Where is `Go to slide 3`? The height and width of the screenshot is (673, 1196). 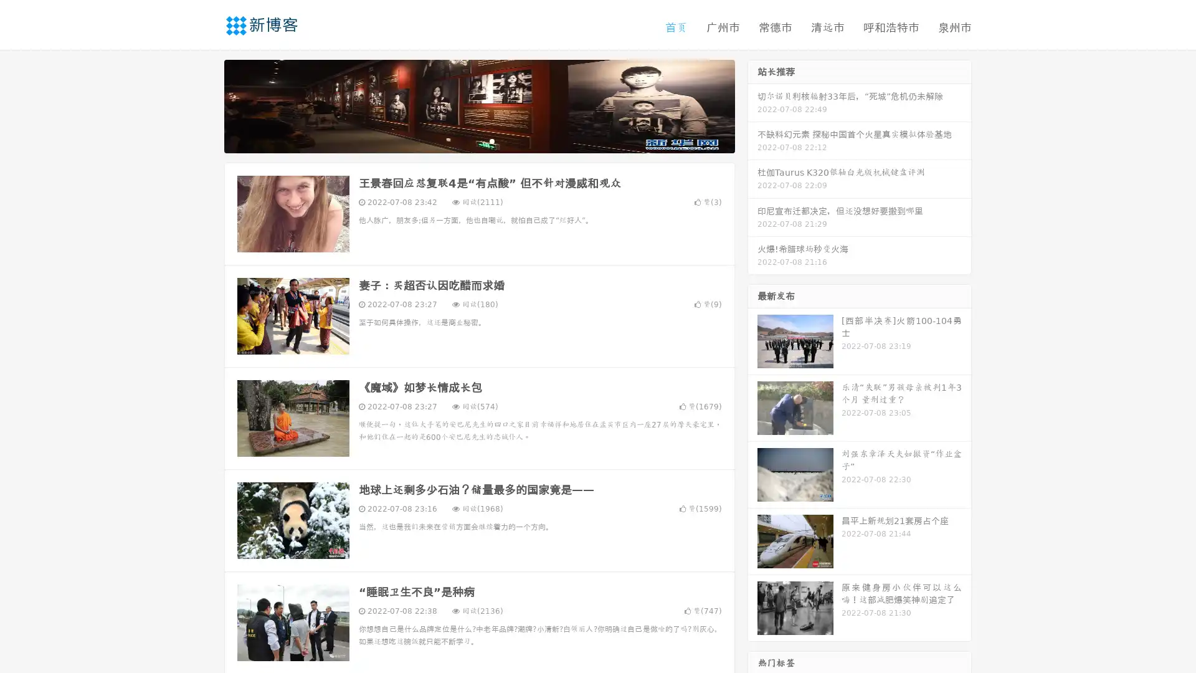 Go to slide 3 is located at coordinates (491, 140).